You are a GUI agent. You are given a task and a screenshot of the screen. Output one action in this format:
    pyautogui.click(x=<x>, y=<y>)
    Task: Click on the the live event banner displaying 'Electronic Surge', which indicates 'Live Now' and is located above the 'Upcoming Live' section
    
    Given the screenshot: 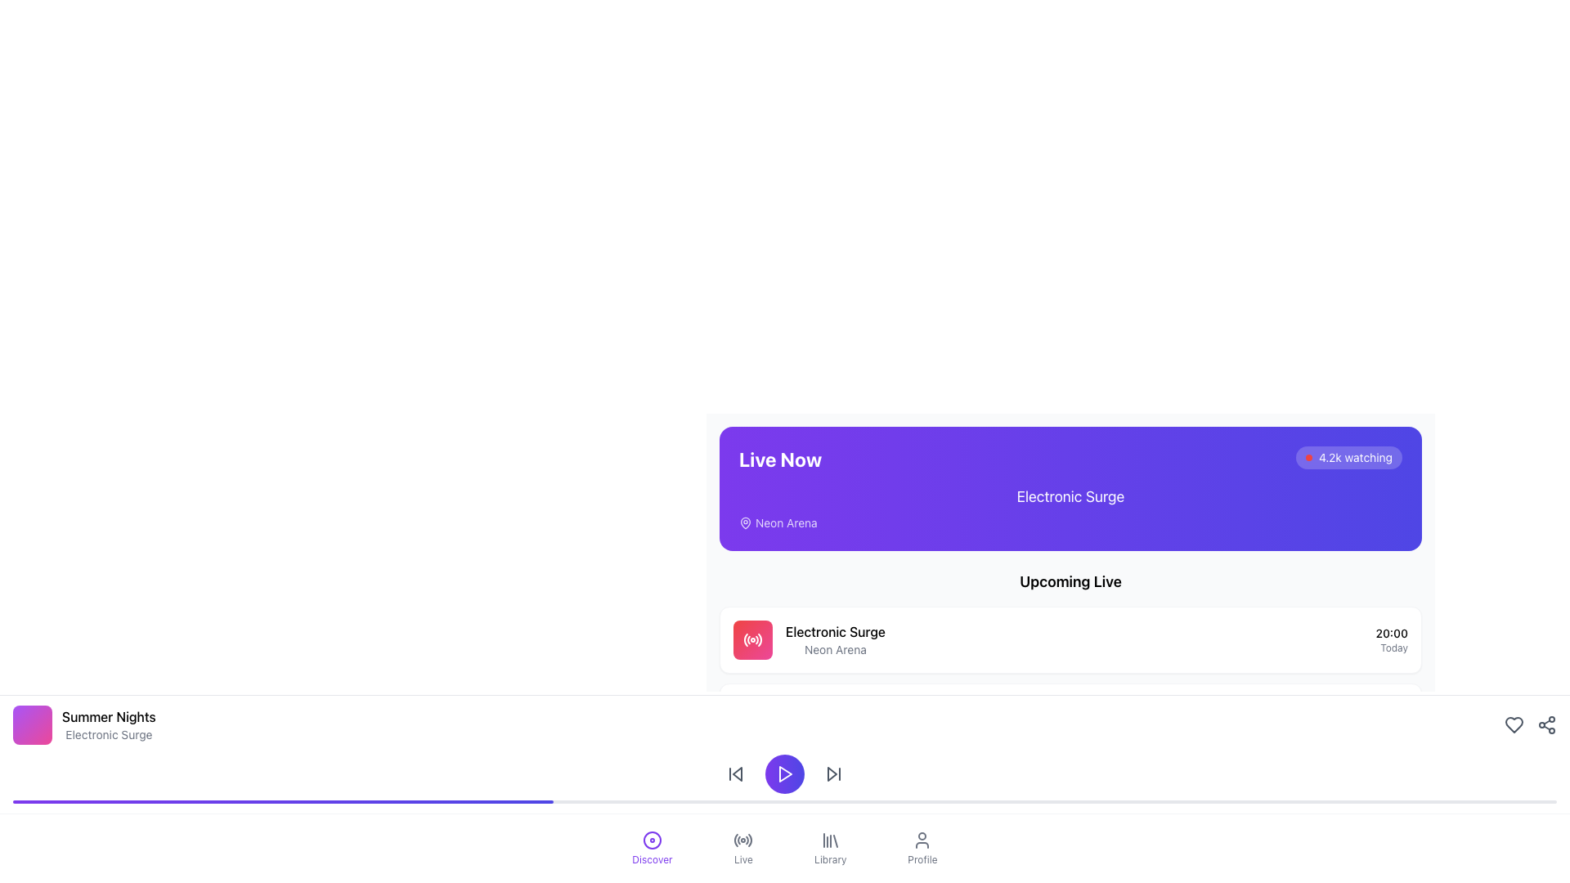 What is the action you would take?
    pyautogui.click(x=1070, y=487)
    